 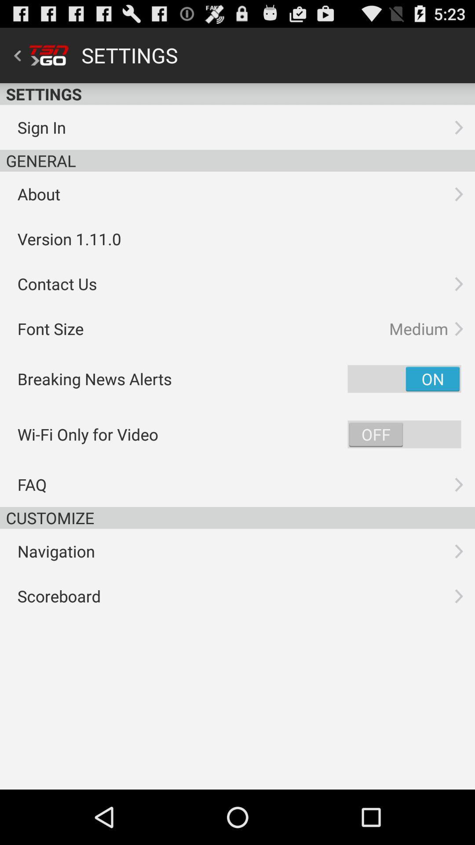 I want to click on shows on/off option, so click(x=404, y=434).